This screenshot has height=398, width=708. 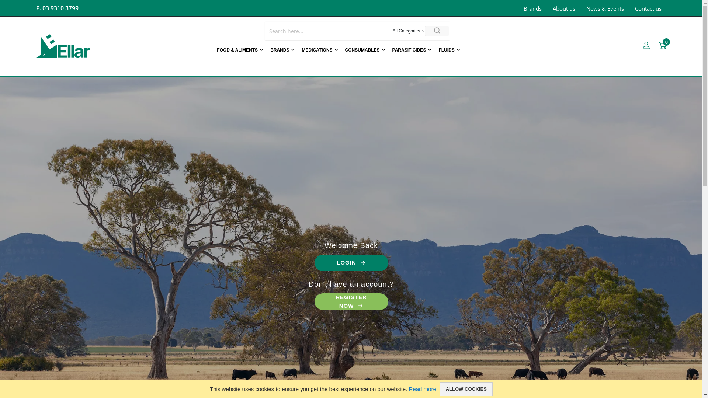 I want to click on 'CONSUMABLES', so click(x=365, y=50).